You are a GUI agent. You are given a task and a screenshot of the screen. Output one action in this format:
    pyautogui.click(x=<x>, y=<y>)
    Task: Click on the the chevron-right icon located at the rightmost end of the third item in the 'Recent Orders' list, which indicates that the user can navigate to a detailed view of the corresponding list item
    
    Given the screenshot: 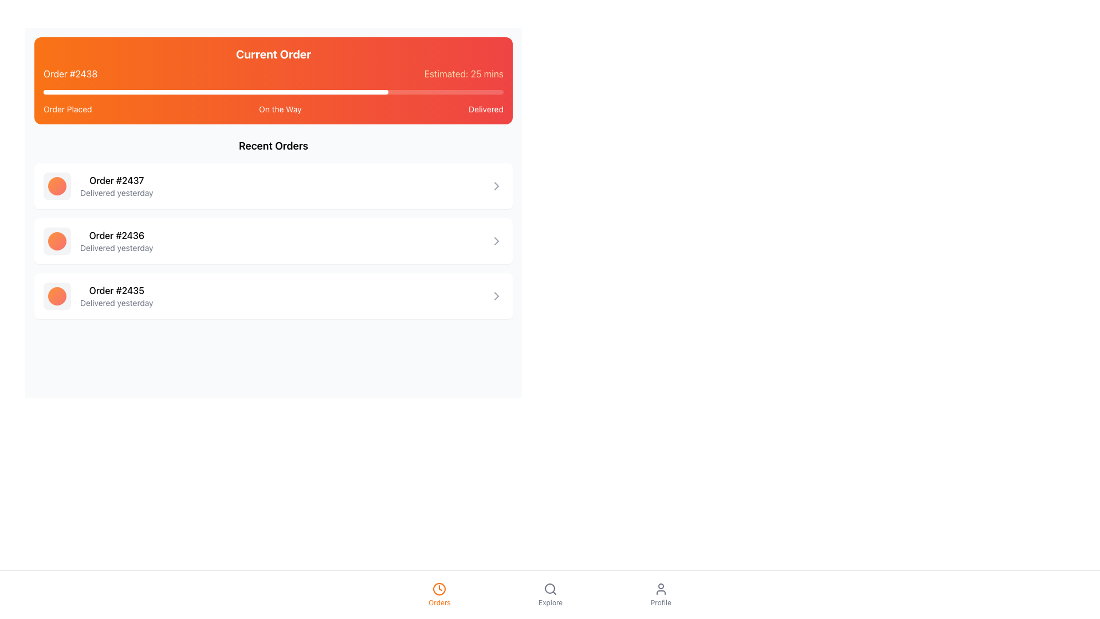 What is the action you would take?
    pyautogui.click(x=497, y=240)
    